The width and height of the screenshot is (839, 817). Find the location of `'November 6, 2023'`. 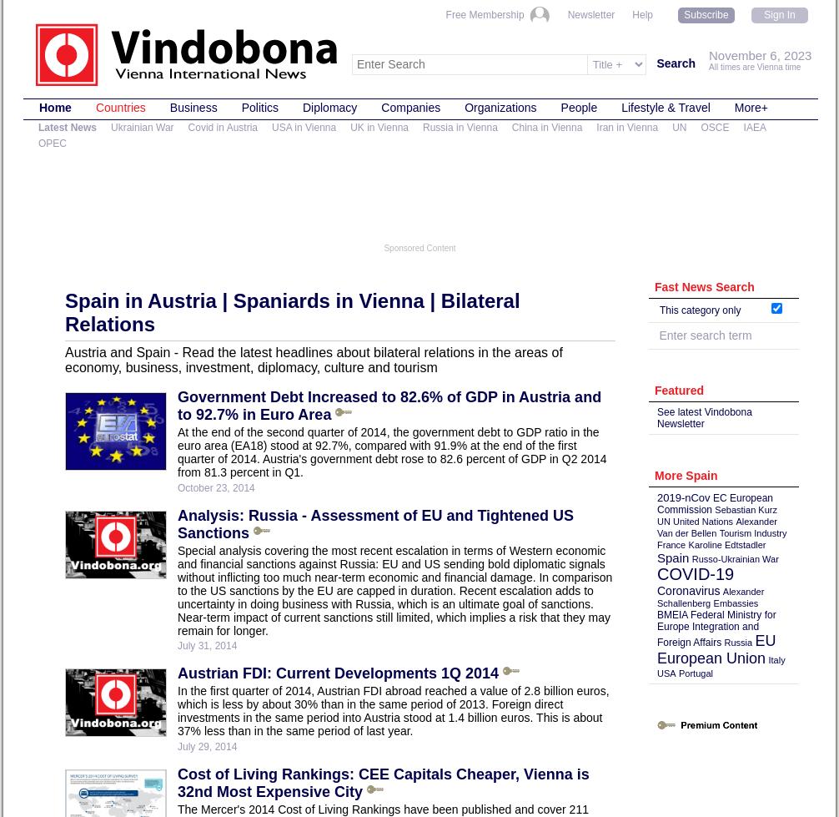

'November 6, 2023' is located at coordinates (707, 55).